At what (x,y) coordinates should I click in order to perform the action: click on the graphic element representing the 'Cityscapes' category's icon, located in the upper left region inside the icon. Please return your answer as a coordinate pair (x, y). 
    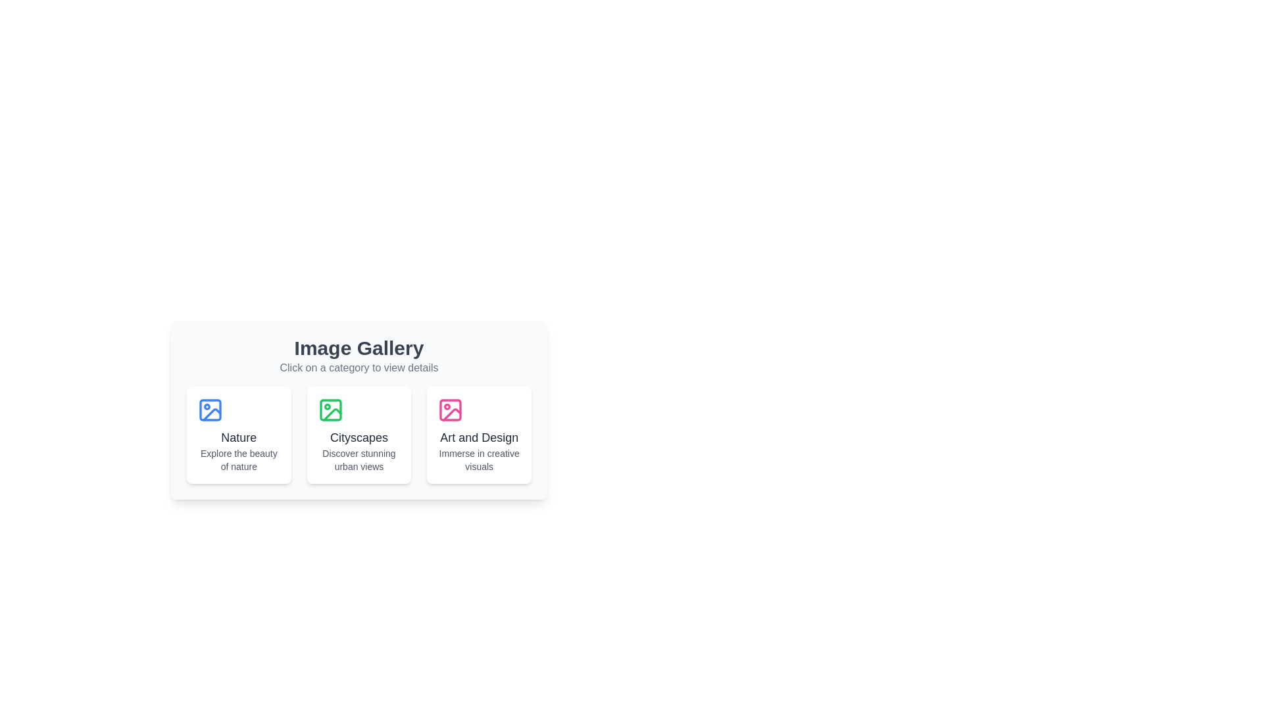
    Looking at the image, I should click on (330, 410).